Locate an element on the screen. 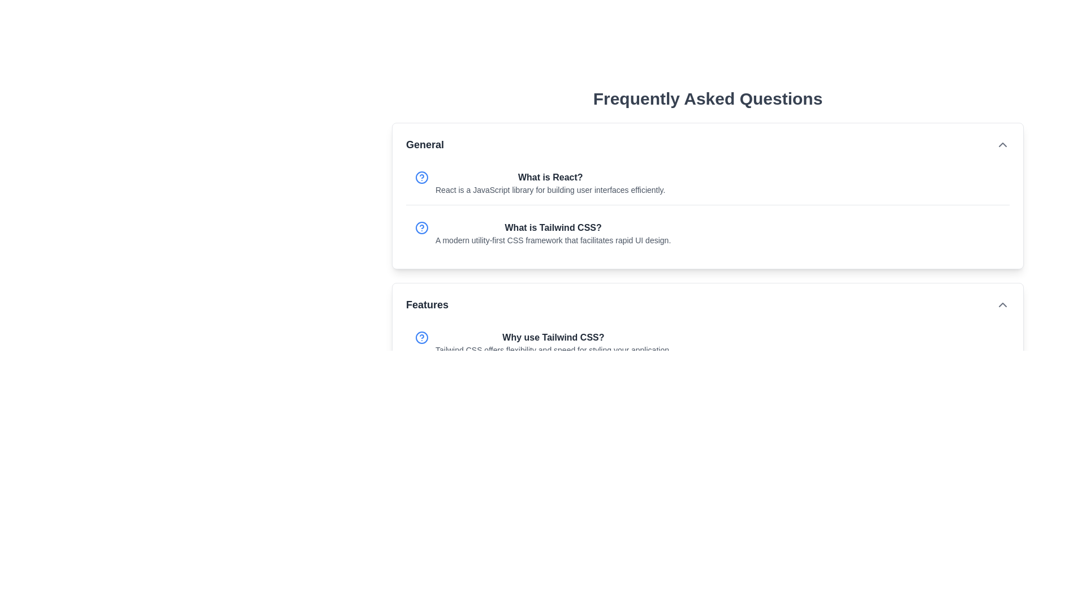 The image size is (1086, 611). text element displaying 'A modern utility-first CSS framework that facilitates rapid UI design.' located under the header 'What is Tailwind CSS?' in the General FAQ section is located at coordinates (553, 239).